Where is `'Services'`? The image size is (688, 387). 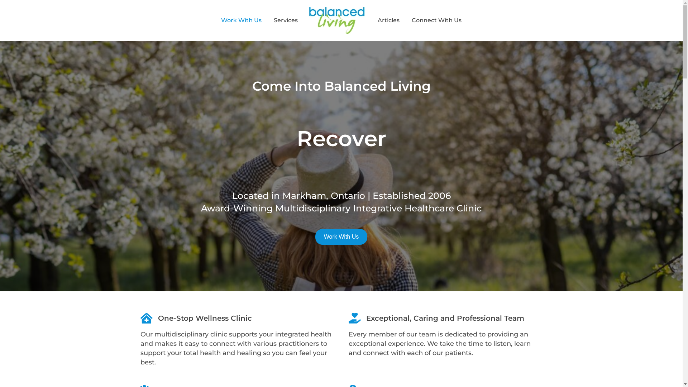
'Services' is located at coordinates (285, 20).